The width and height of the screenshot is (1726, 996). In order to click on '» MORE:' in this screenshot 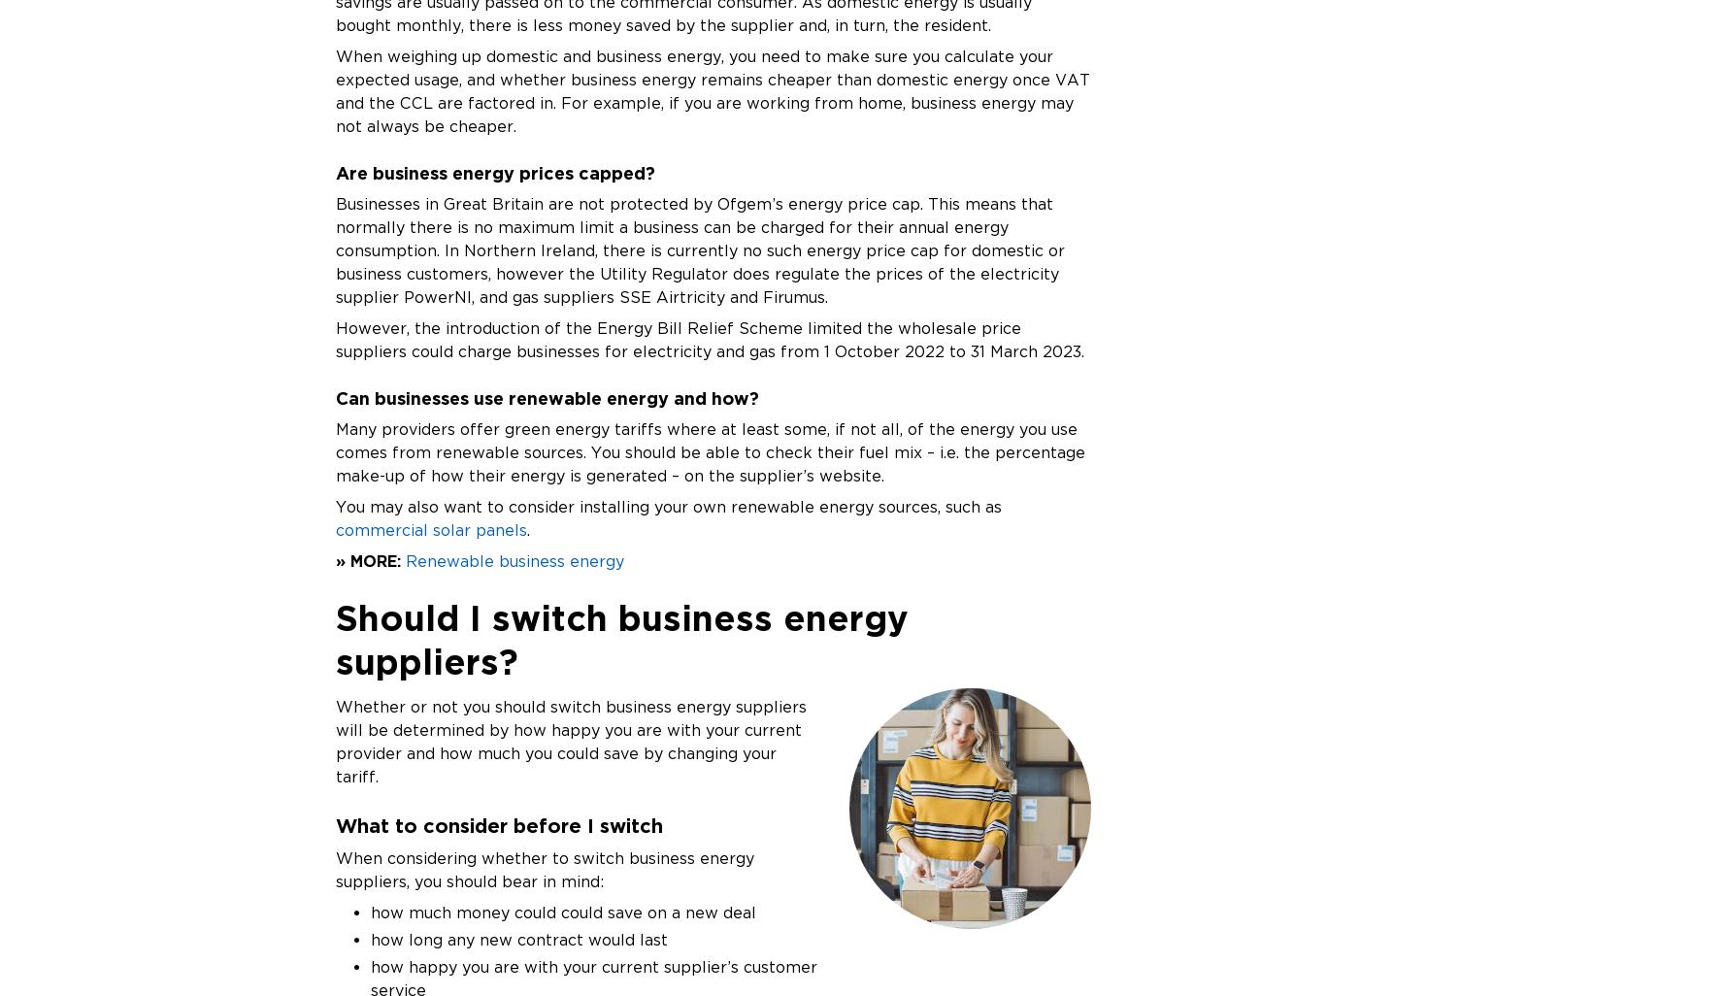, I will do `click(367, 559)`.